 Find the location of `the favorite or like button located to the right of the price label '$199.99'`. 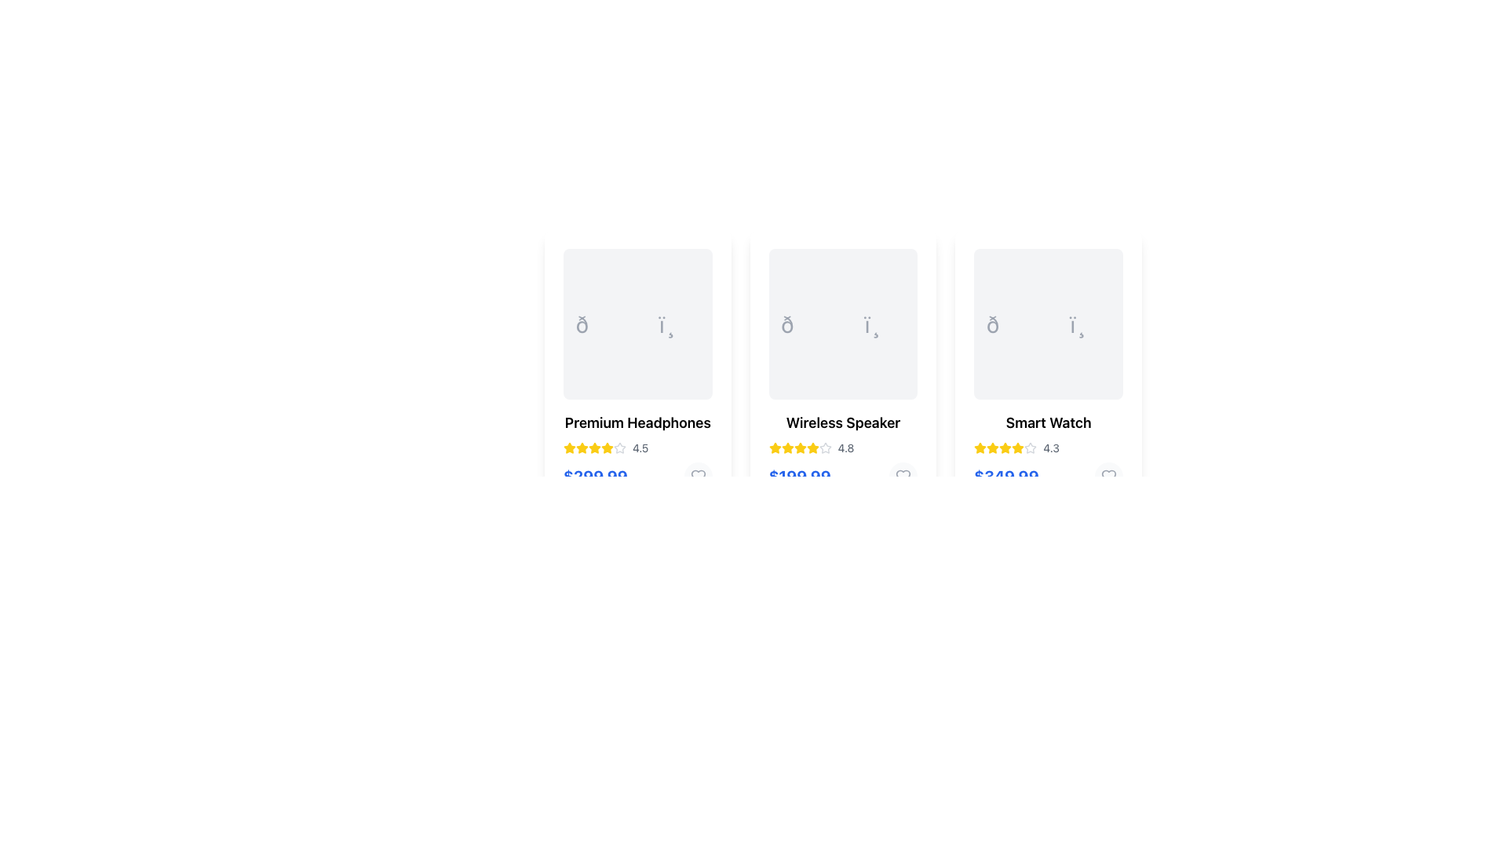

the favorite or like button located to the right of the price label '$199.99' is located at coordinates (903, 475).